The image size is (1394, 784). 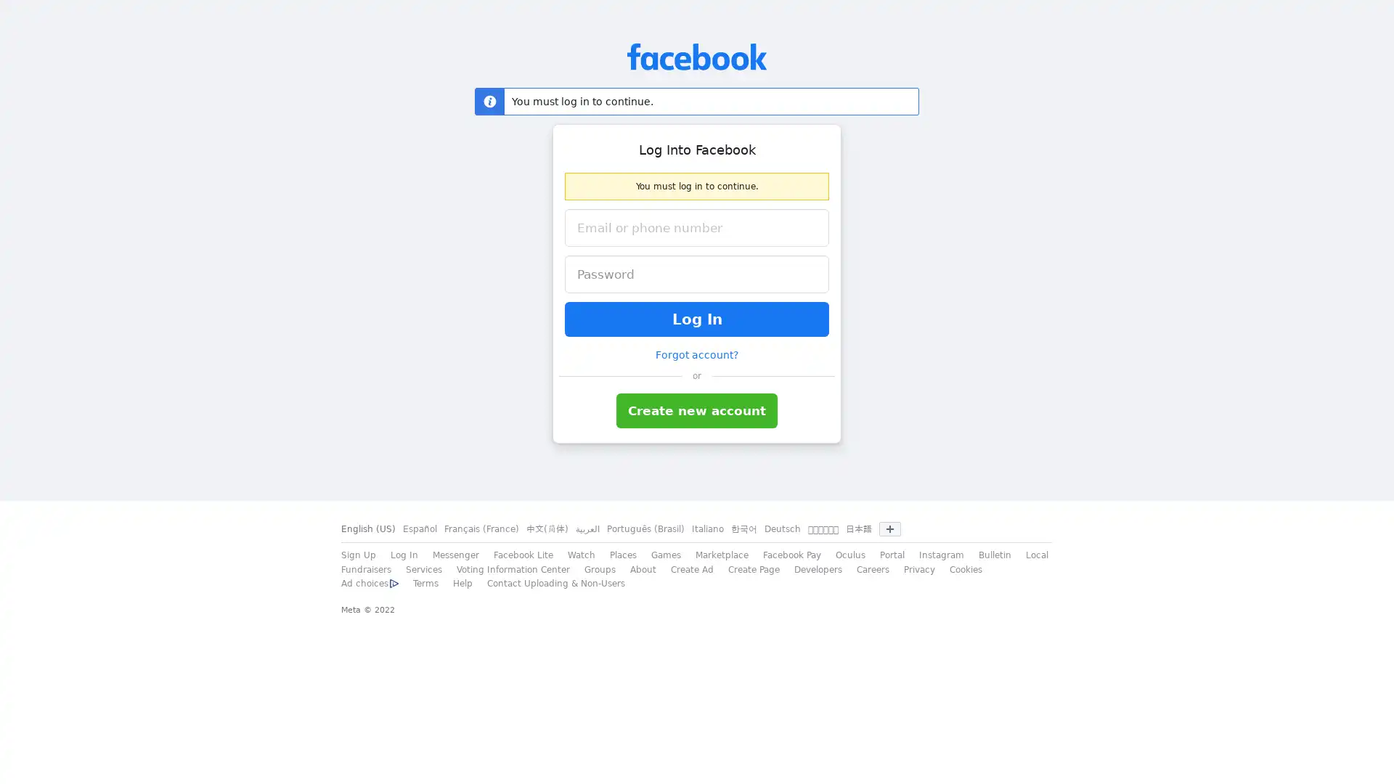 What do you see at coordinates (697, 318) in the screenshot?
I see `Log In` at bounding box center [697, 318].